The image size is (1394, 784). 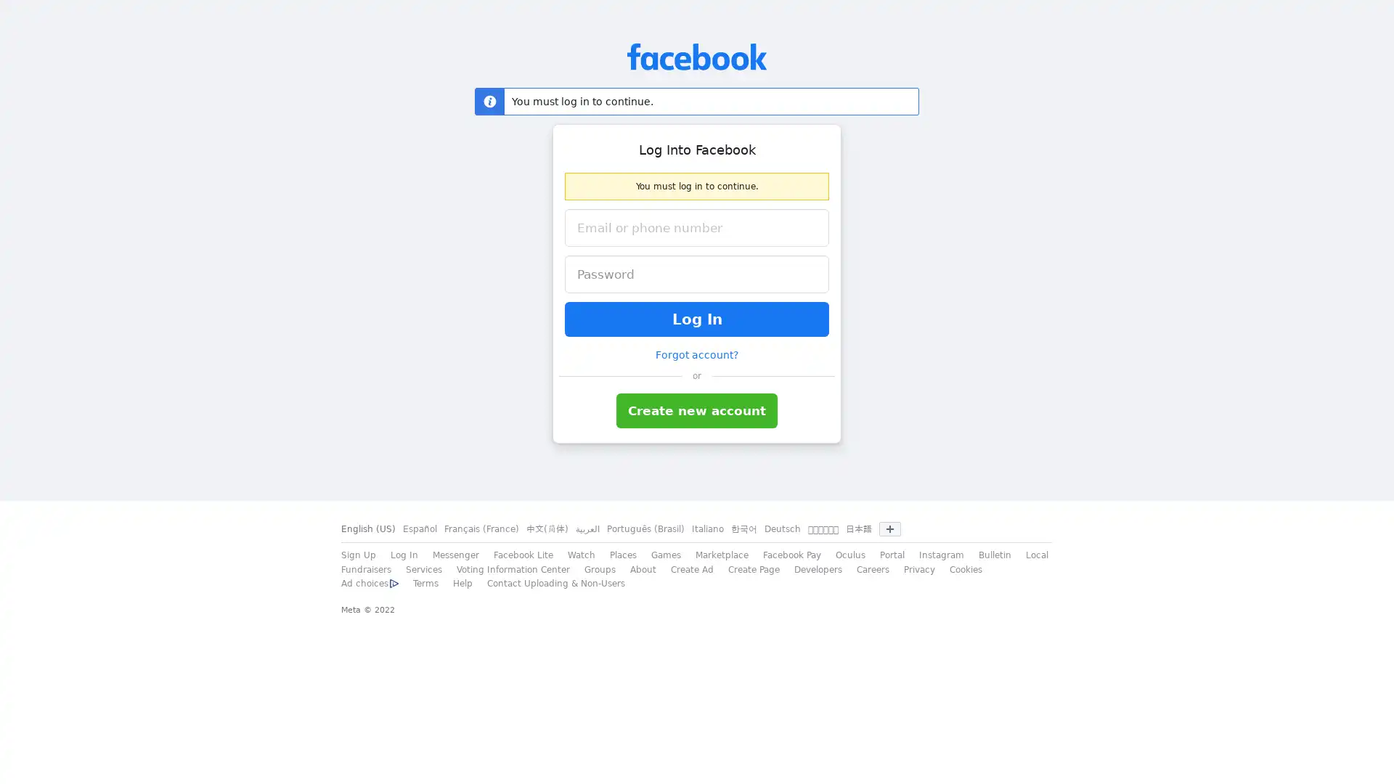 What do you see at coordinates (697, 318) in the screenshot?
I see `Log In` at bounding box center [697, 318].